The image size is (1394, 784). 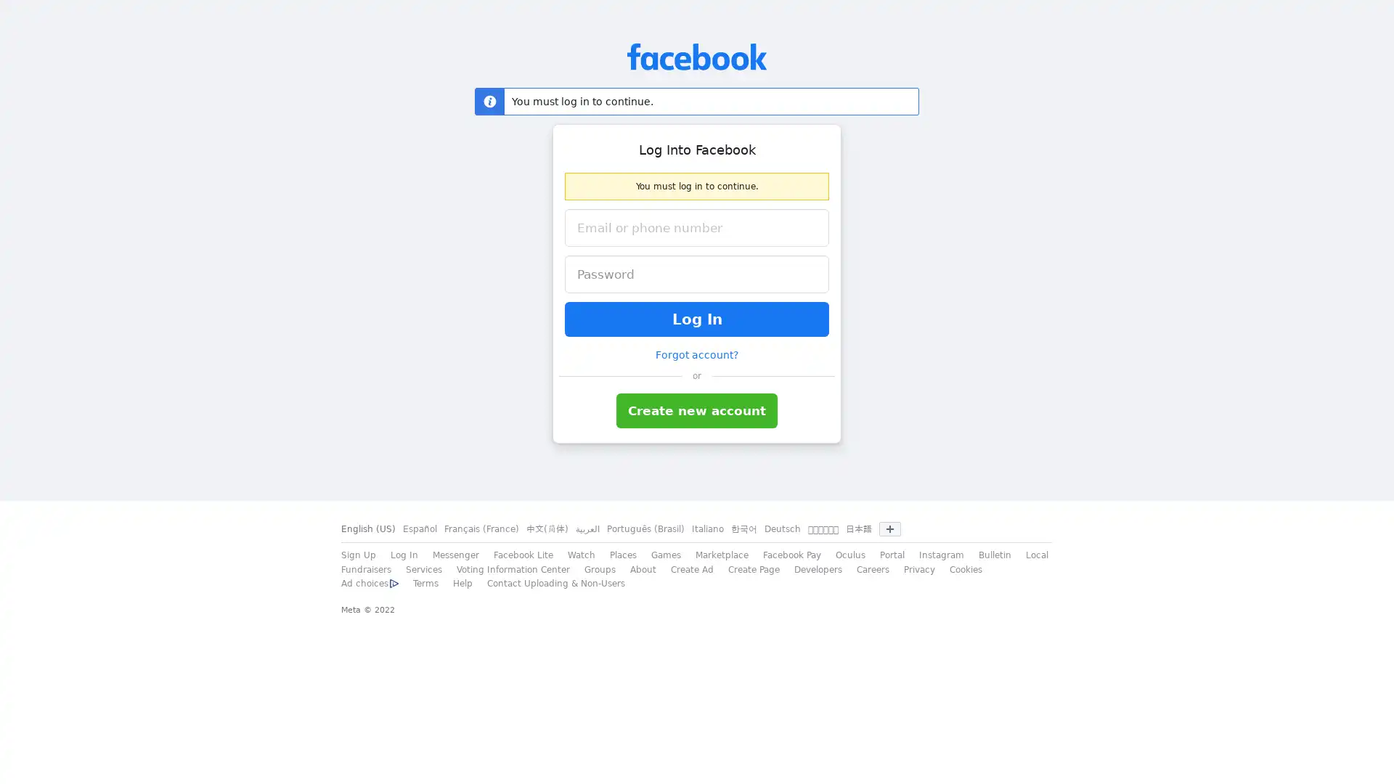 What do you see at coordinates (697, 318) in the screenshot?
I see `Log In` at bounding box center [697, 318].